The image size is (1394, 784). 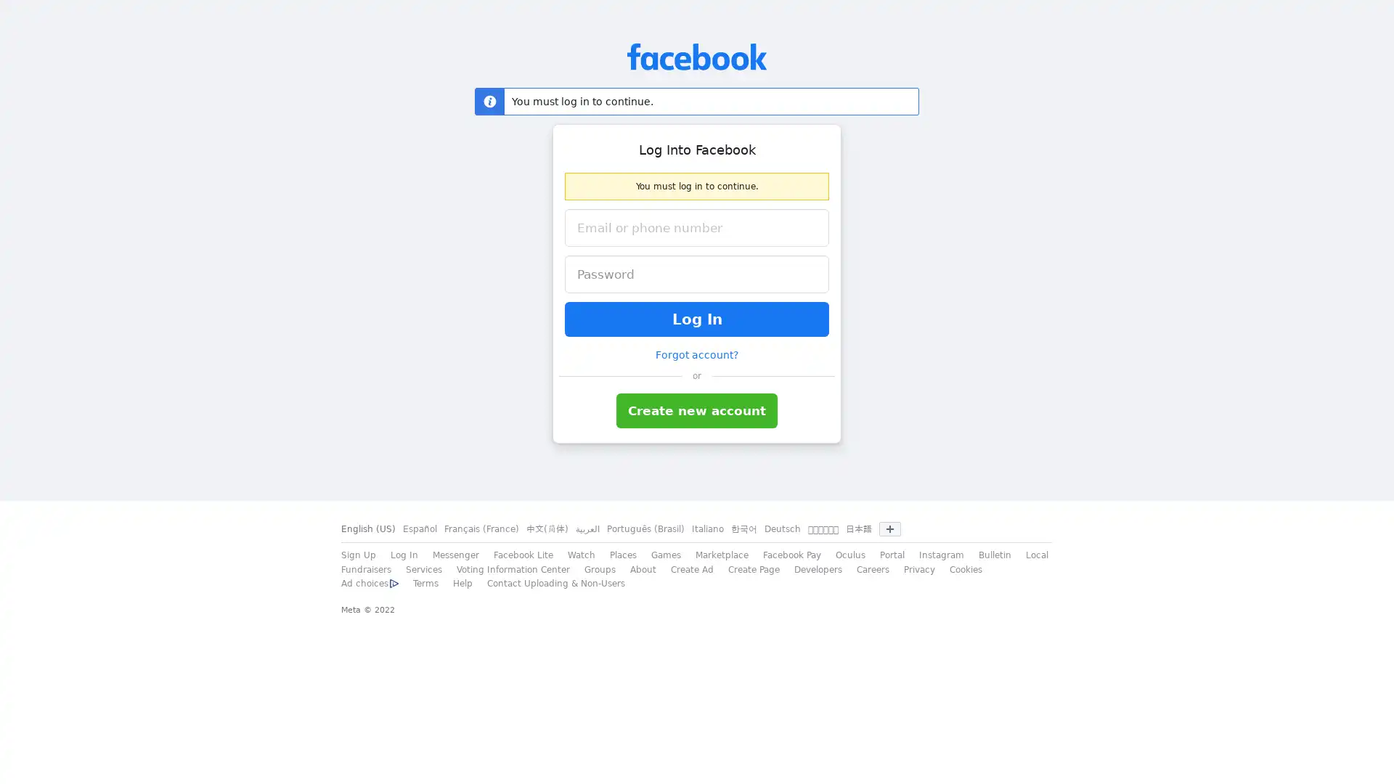 What do you see at coordinates (697, 318) in the screenshot?
I see `Log In` at bounding box center [697, 318].